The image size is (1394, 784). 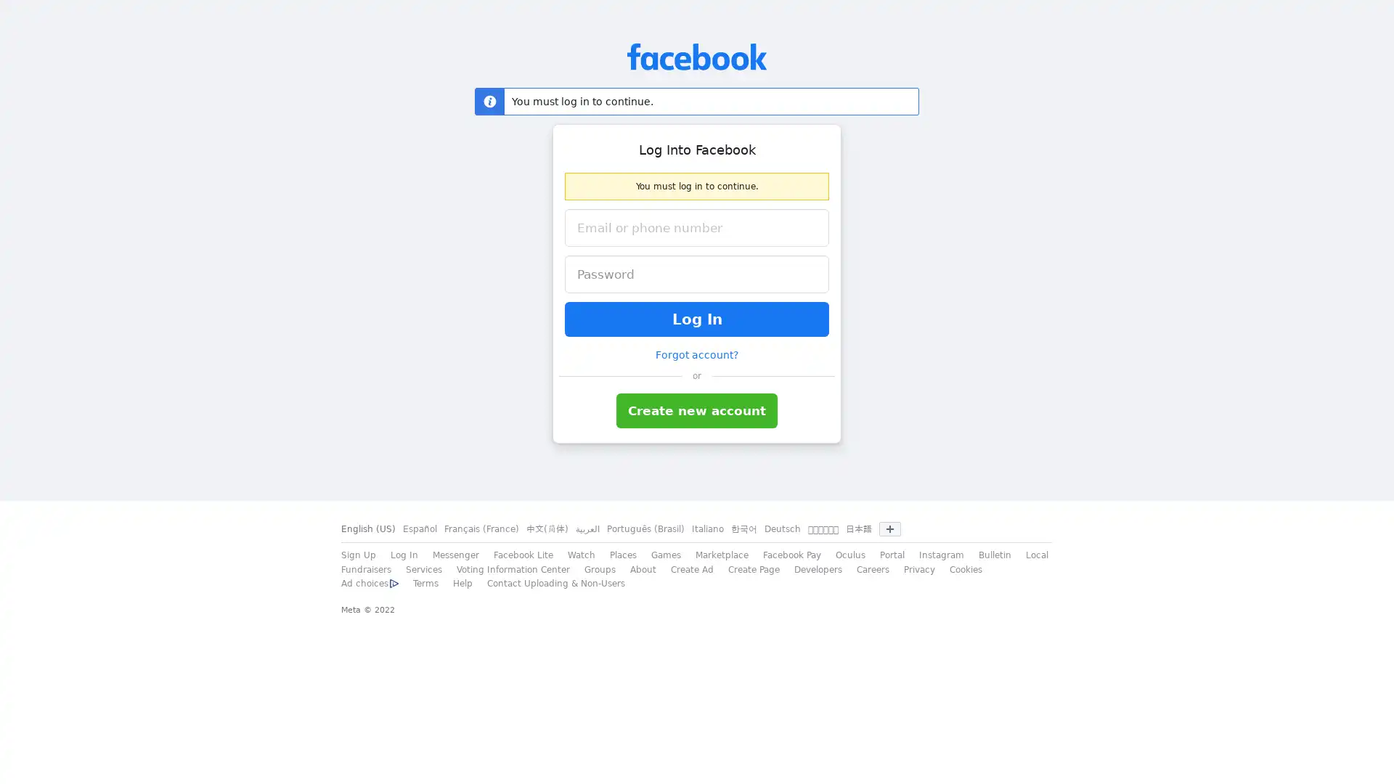 What do you see at coordinates (697, 318) in the screenshot?
I see `Log In` at bounding box center [697, 318].